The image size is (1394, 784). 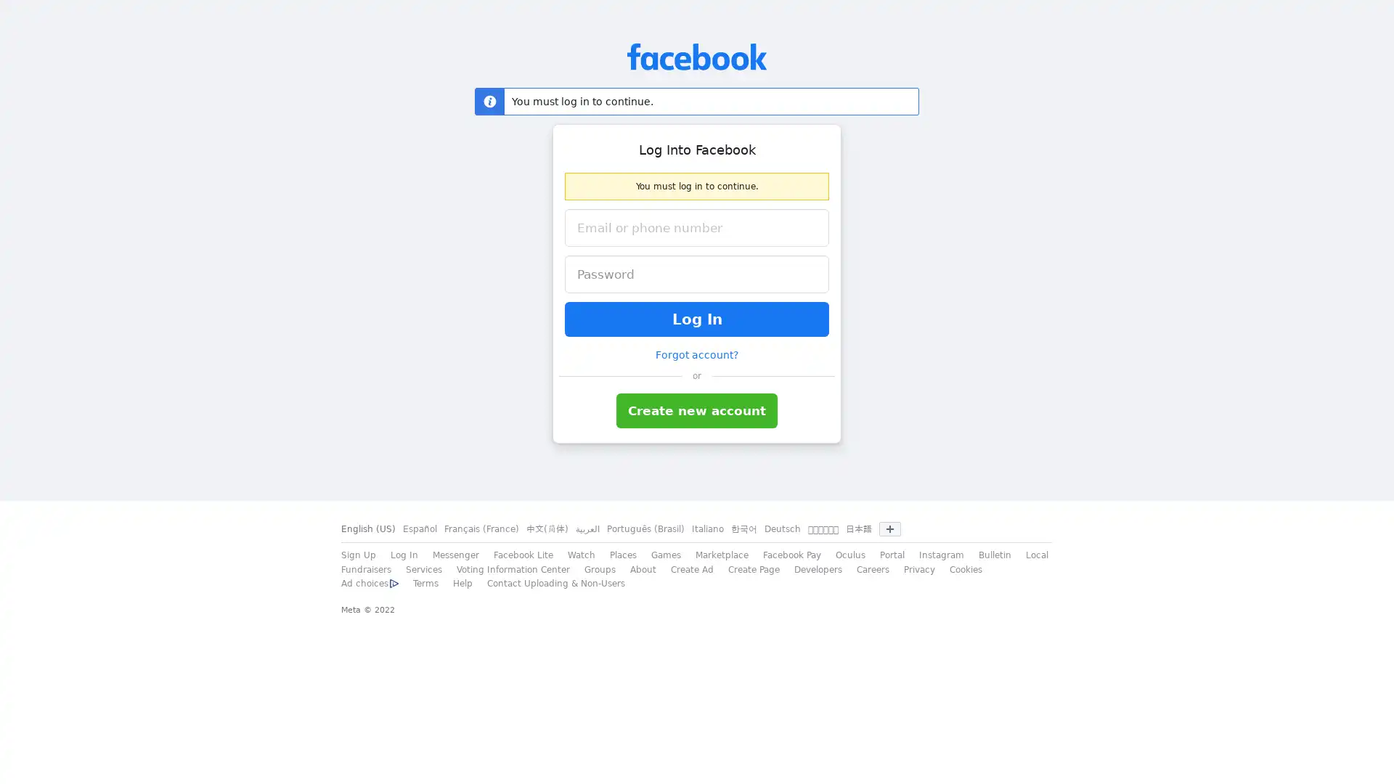 What do you see at coordinates (697, 318) in the screenshot?
I see `Log In` at bounding box center [697, 318].